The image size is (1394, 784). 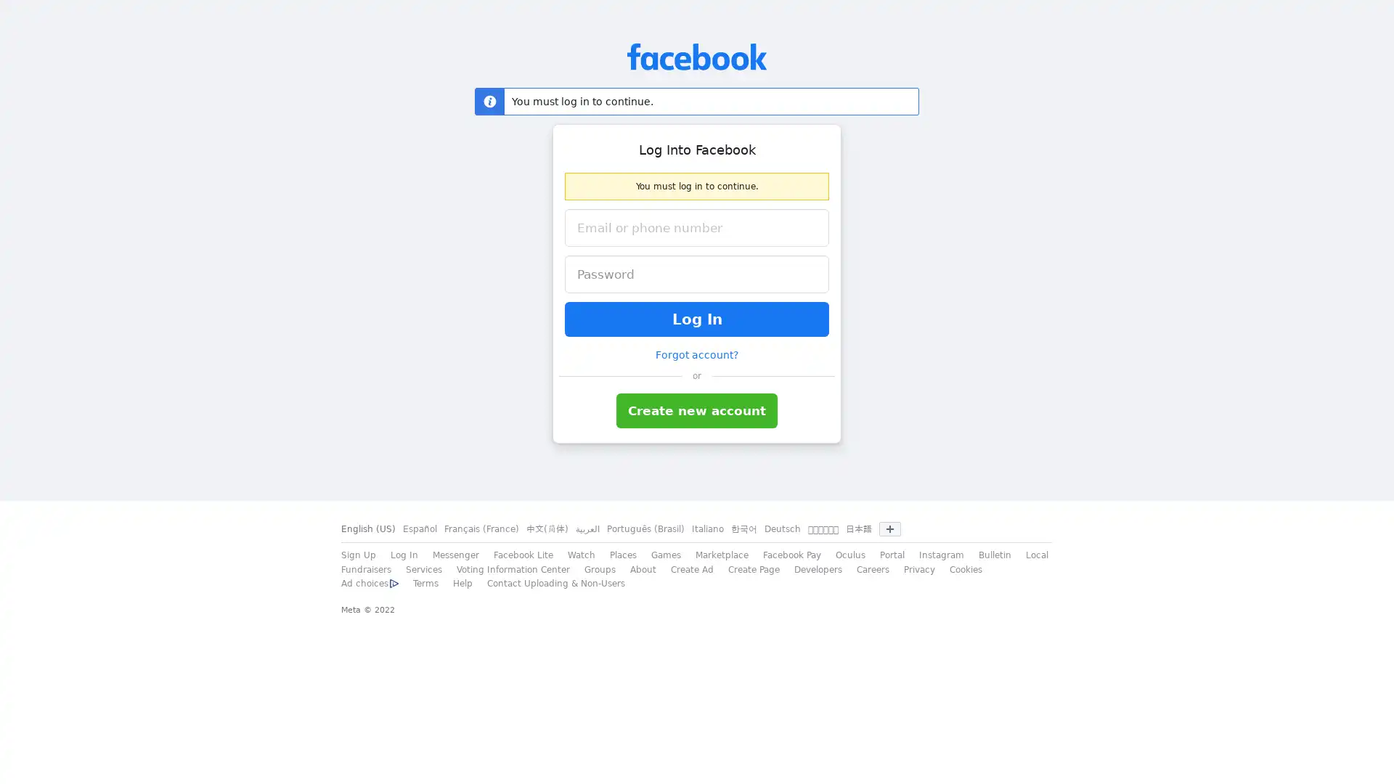 What do you see at coordinates (697, 318) in the screenshot?
I see `Log In` at bounding box center [697, 318].